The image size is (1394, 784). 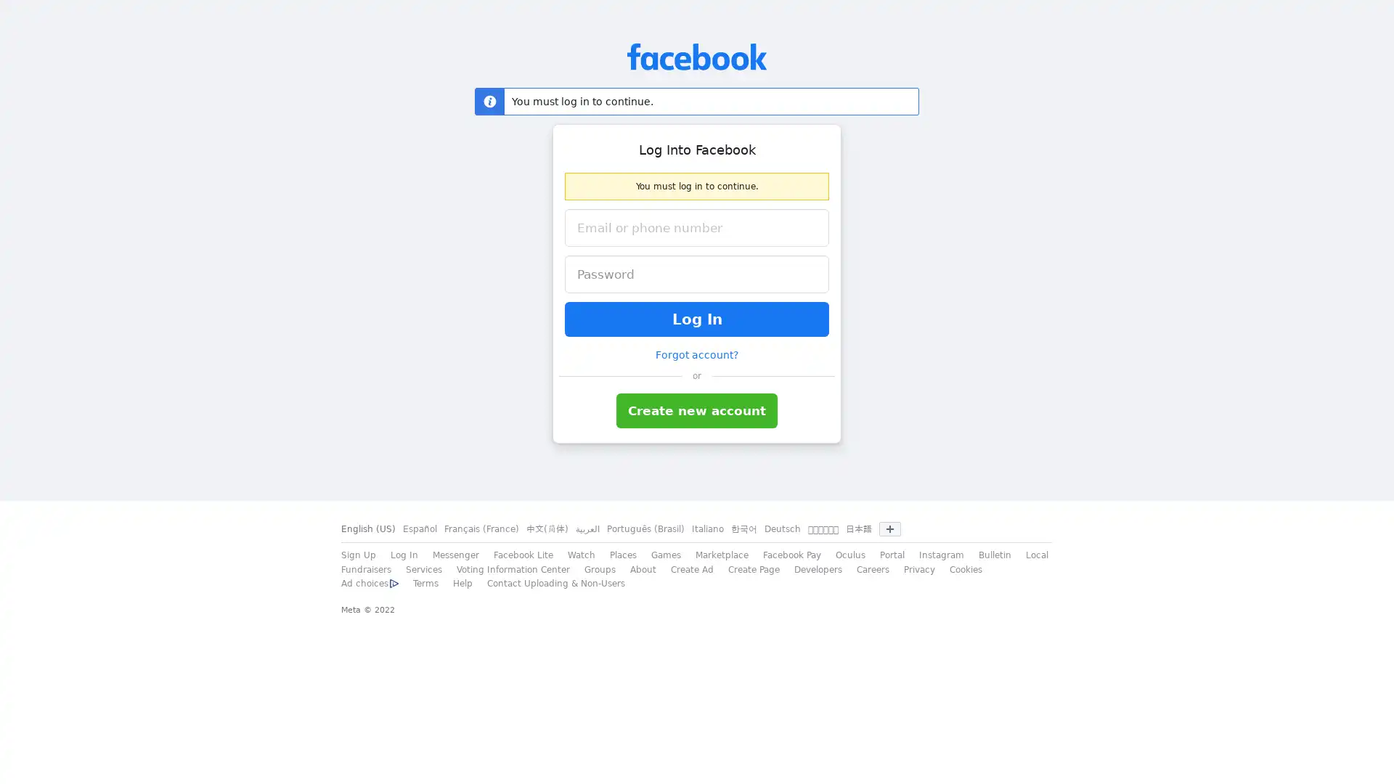 What do you see at coordinates (697, 318) in the screenshot?
I see `Log In` at bounding box center [697, 318].